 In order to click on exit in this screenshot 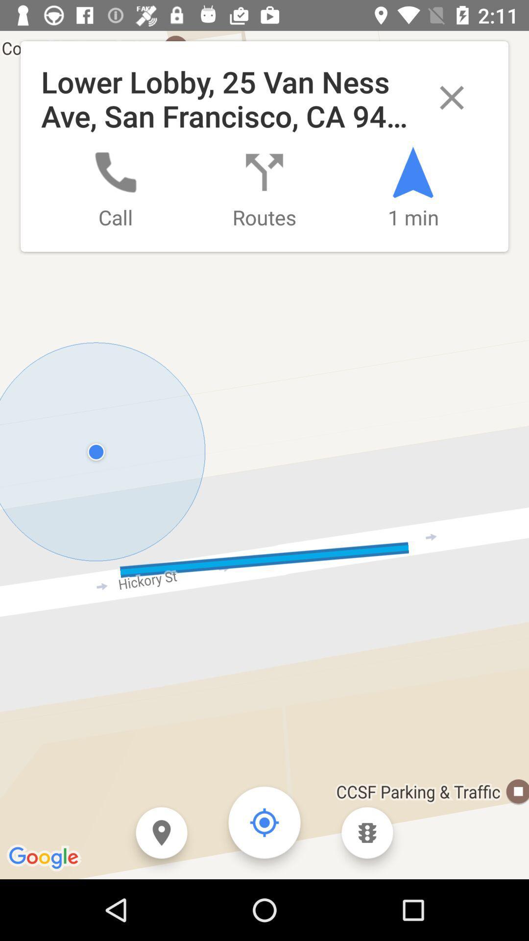, I will do `click(452, 98)`.